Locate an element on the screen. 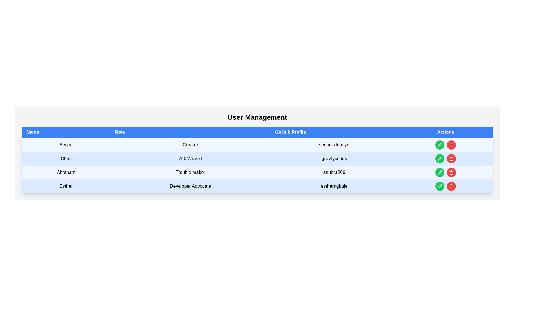 The width and height of the screenshot is (552, 310). the pencil icon button in the 'Actions' column for 'Chris', the Ark Wizard is located at coordinates (439, 145).